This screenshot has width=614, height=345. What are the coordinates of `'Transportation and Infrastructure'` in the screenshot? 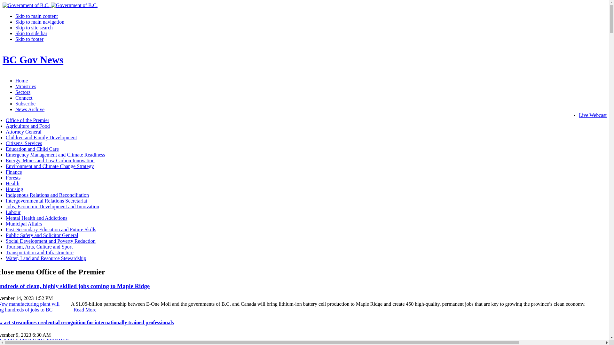 It's located at (6, 252).